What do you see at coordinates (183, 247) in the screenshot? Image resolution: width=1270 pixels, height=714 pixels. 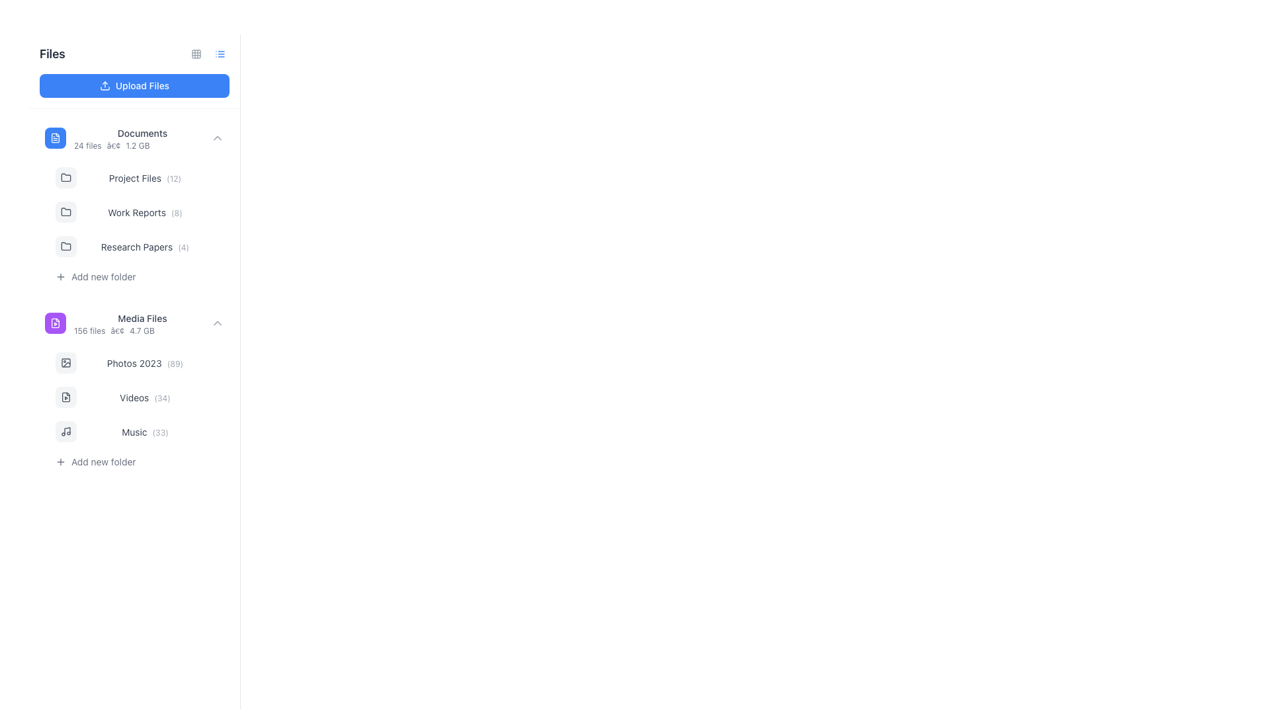 I see `the static text displaying '(4)', which is aligned to the right of the 'Research Papers' label in the 'Files' section` at bounding box center [183, 247].